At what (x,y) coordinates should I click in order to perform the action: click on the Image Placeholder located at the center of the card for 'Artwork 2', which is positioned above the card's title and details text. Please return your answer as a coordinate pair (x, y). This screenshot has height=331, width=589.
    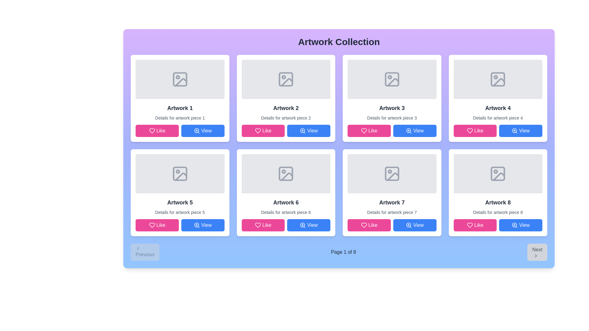
    Looking at the image, I should click on (286, 79).